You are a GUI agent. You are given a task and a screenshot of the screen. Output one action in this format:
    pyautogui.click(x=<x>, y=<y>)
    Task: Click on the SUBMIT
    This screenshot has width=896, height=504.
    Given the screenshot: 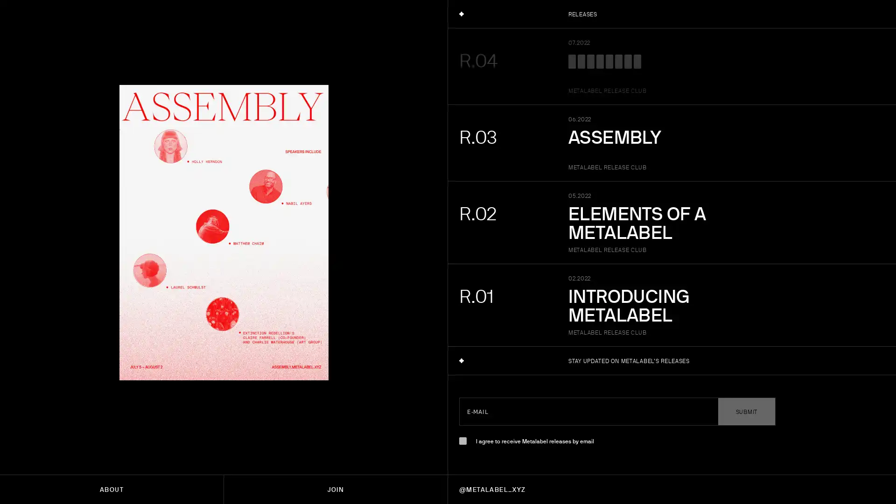 What is the action you would take?
    pyautogui.click(x=746, y=411)
    